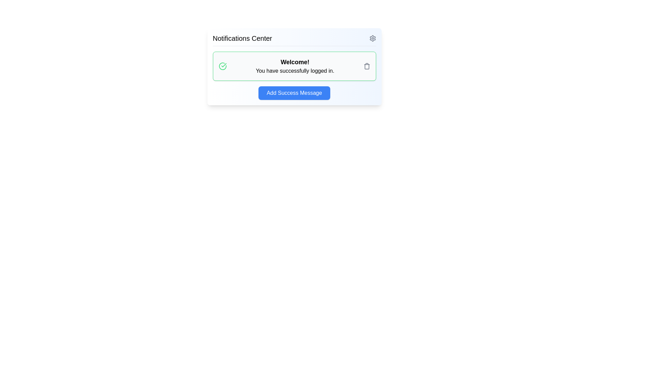 Image resolution: width=653 pixels, height=367 pixels. Describe the element at coordinates (372, 38) in the screenshot. I see `the settings icon (cogwheel) located in the top-right corner of the 'Notifications Center'` at that location.